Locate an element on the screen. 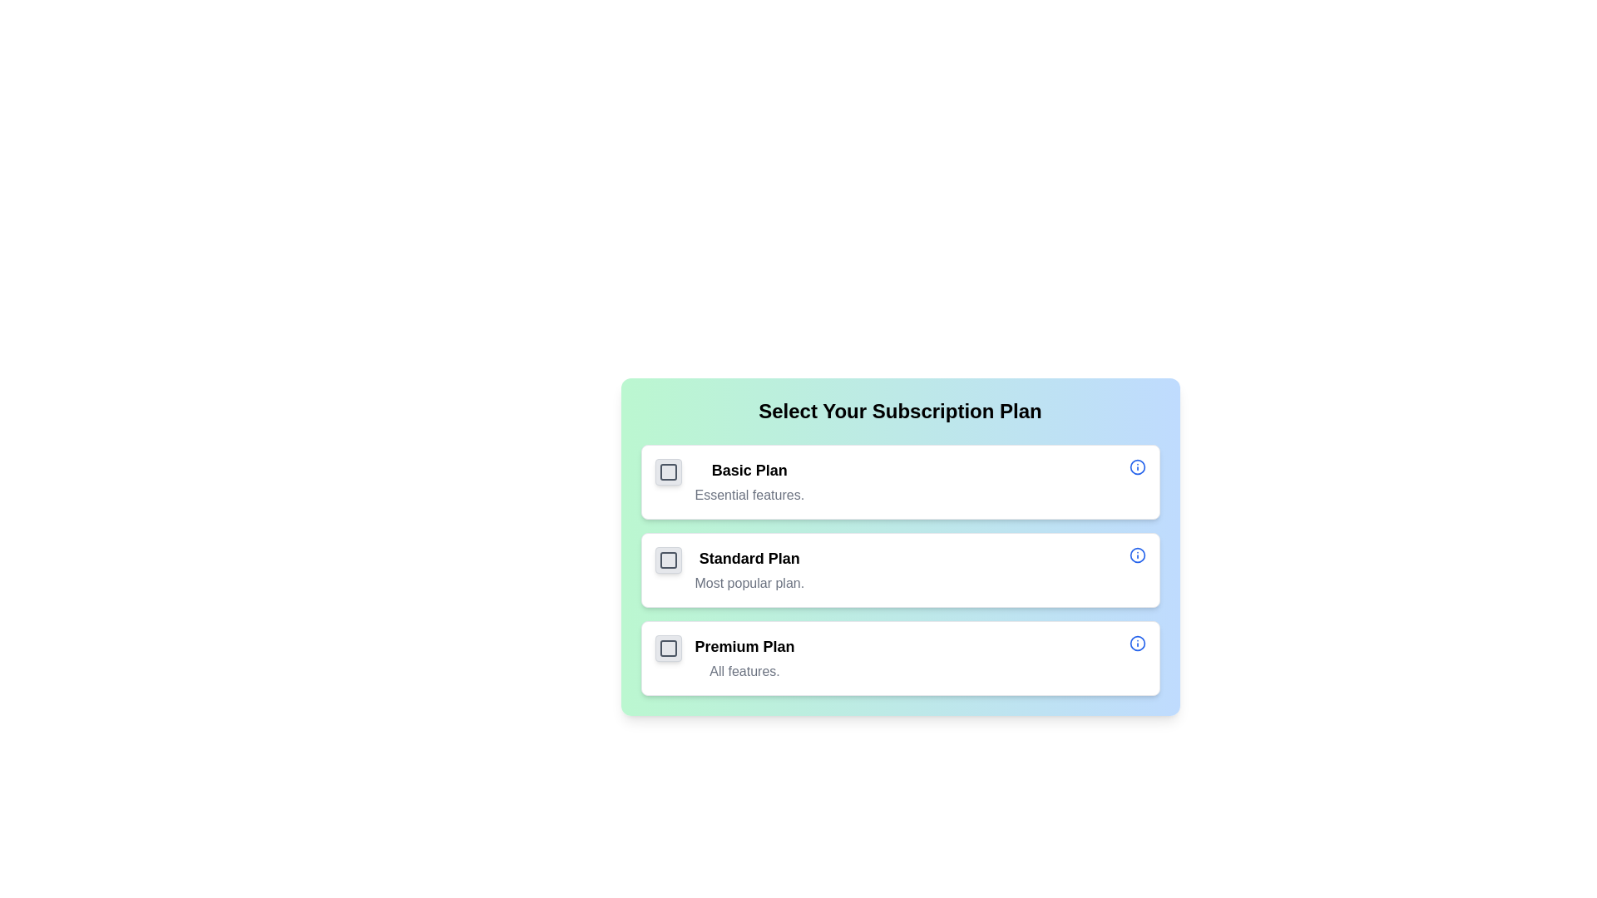 Image resolution: width=1597 pixels, height=898 pixels. the Information Icon located in the 'Premium Plan' section, adjacent to the text 'All features' is located at coordinates (1136, 643).